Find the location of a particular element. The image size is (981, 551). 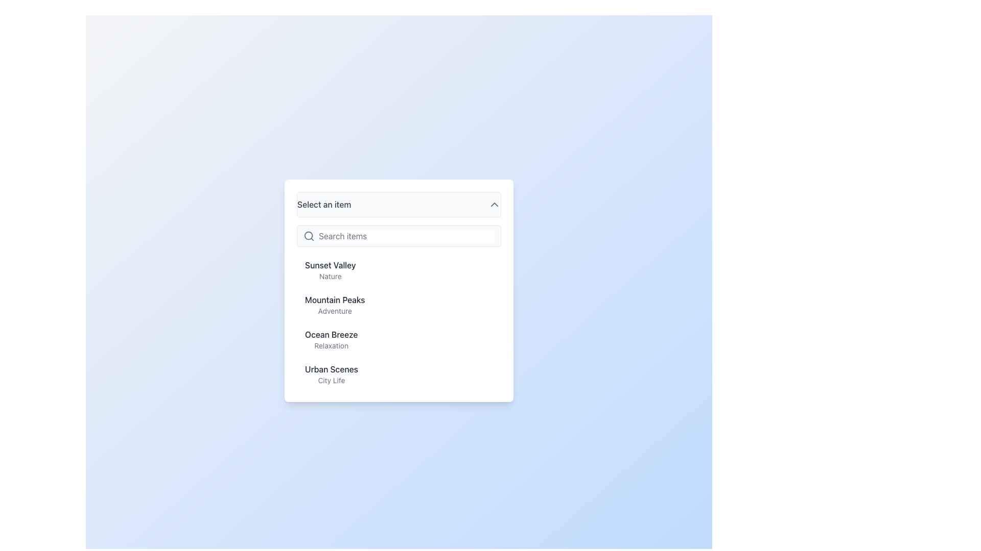

the selectable list item labeled 'Urban Scenes' that appears in a dropdown menu, positioned between 'Ocean Breeze - Relaxation' and no other elements is located at coordinates (399, 374).